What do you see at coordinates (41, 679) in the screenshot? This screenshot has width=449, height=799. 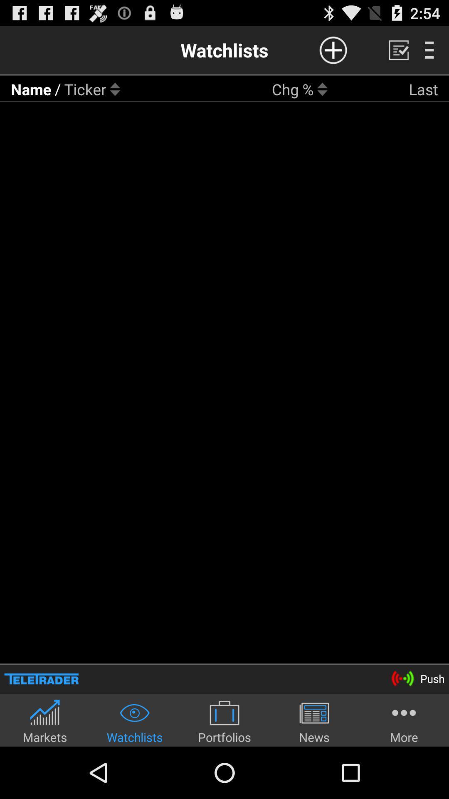 I see `the icon to the left of push icon` at bounding box center [41, 679].